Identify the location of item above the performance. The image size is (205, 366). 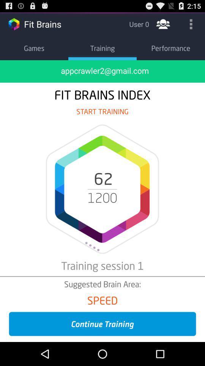
(162, 24).